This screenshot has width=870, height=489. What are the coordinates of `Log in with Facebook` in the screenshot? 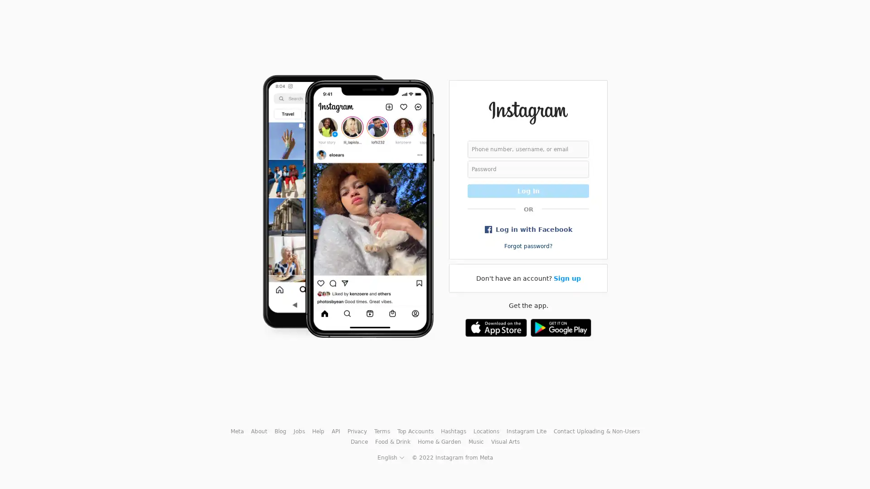 It's located at (528, 228).